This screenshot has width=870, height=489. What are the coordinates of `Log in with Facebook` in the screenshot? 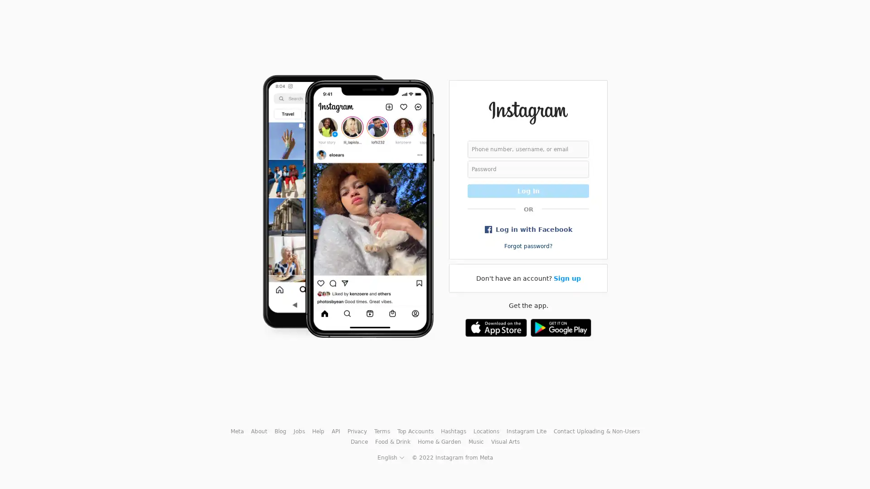 It's located at (528, 228).